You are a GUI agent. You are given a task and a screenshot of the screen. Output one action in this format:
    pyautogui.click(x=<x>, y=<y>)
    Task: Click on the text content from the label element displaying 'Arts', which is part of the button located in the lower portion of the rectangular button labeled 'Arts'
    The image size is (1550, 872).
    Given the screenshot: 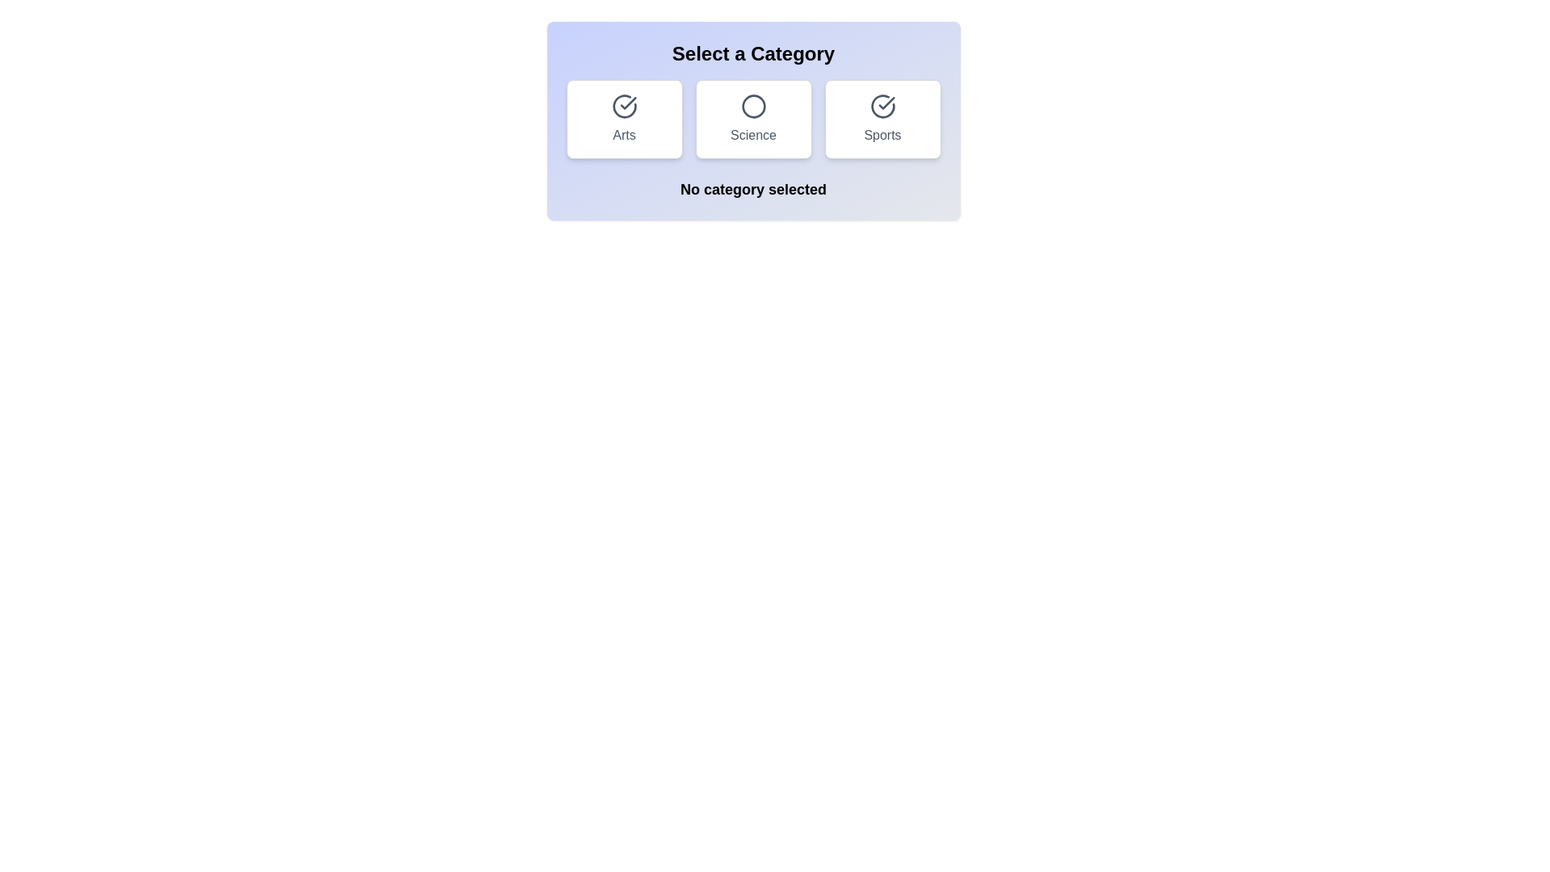 What is the action you would take?
    pyautogui.click(x=623, y=135)
    